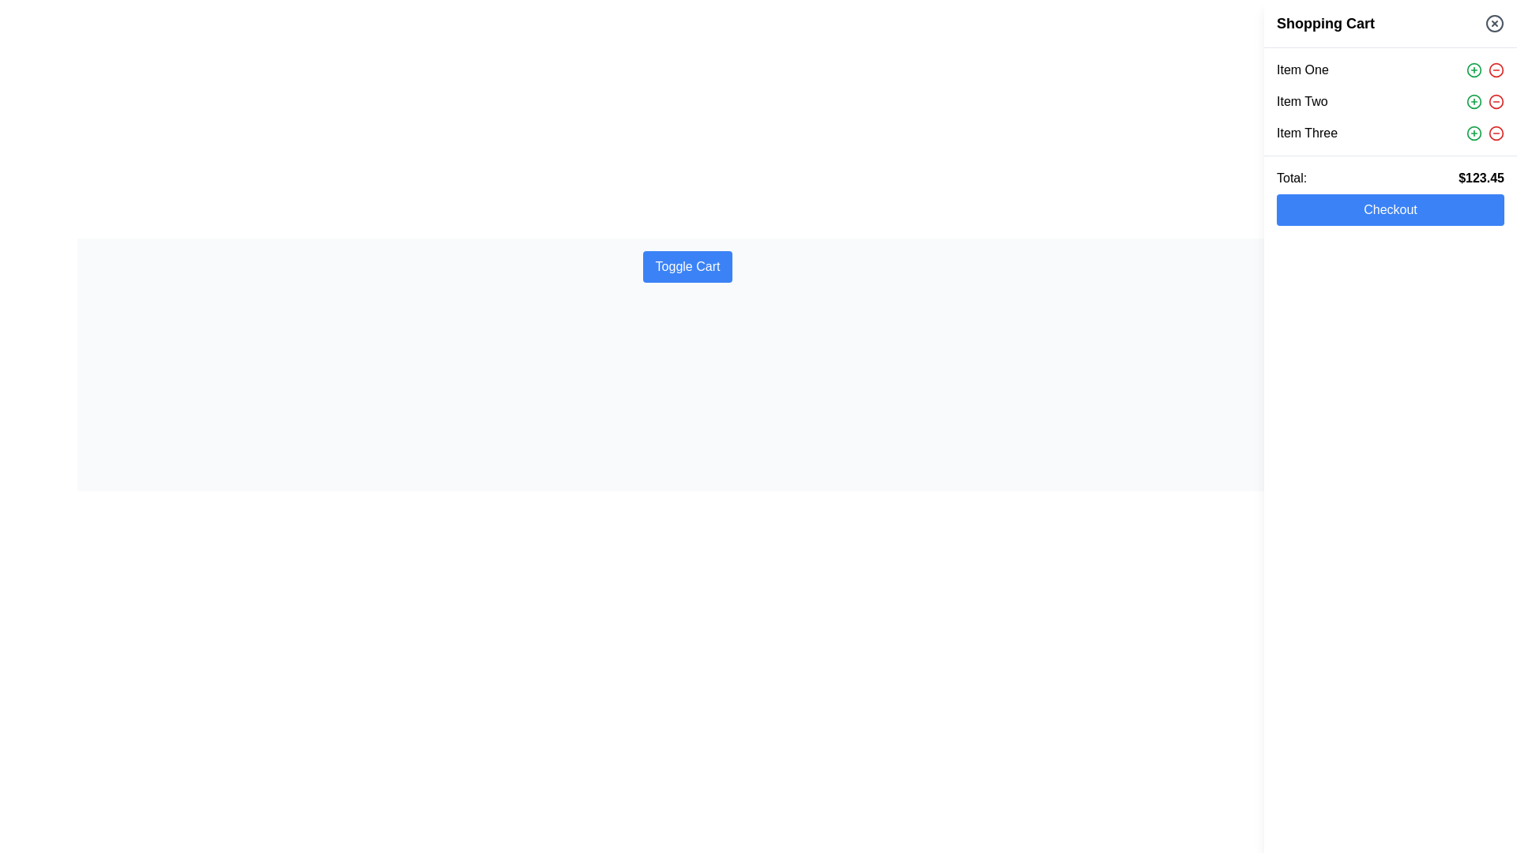 Image resolution: width=1517 pixels, height=853 pixels. Describe the element at coordinates (1302, 69) in the screenshot. I see `the text label displaying 'Item One' in the shopping cart section, which is styled in a medium-weight black font and is the first item in the list` at that location.